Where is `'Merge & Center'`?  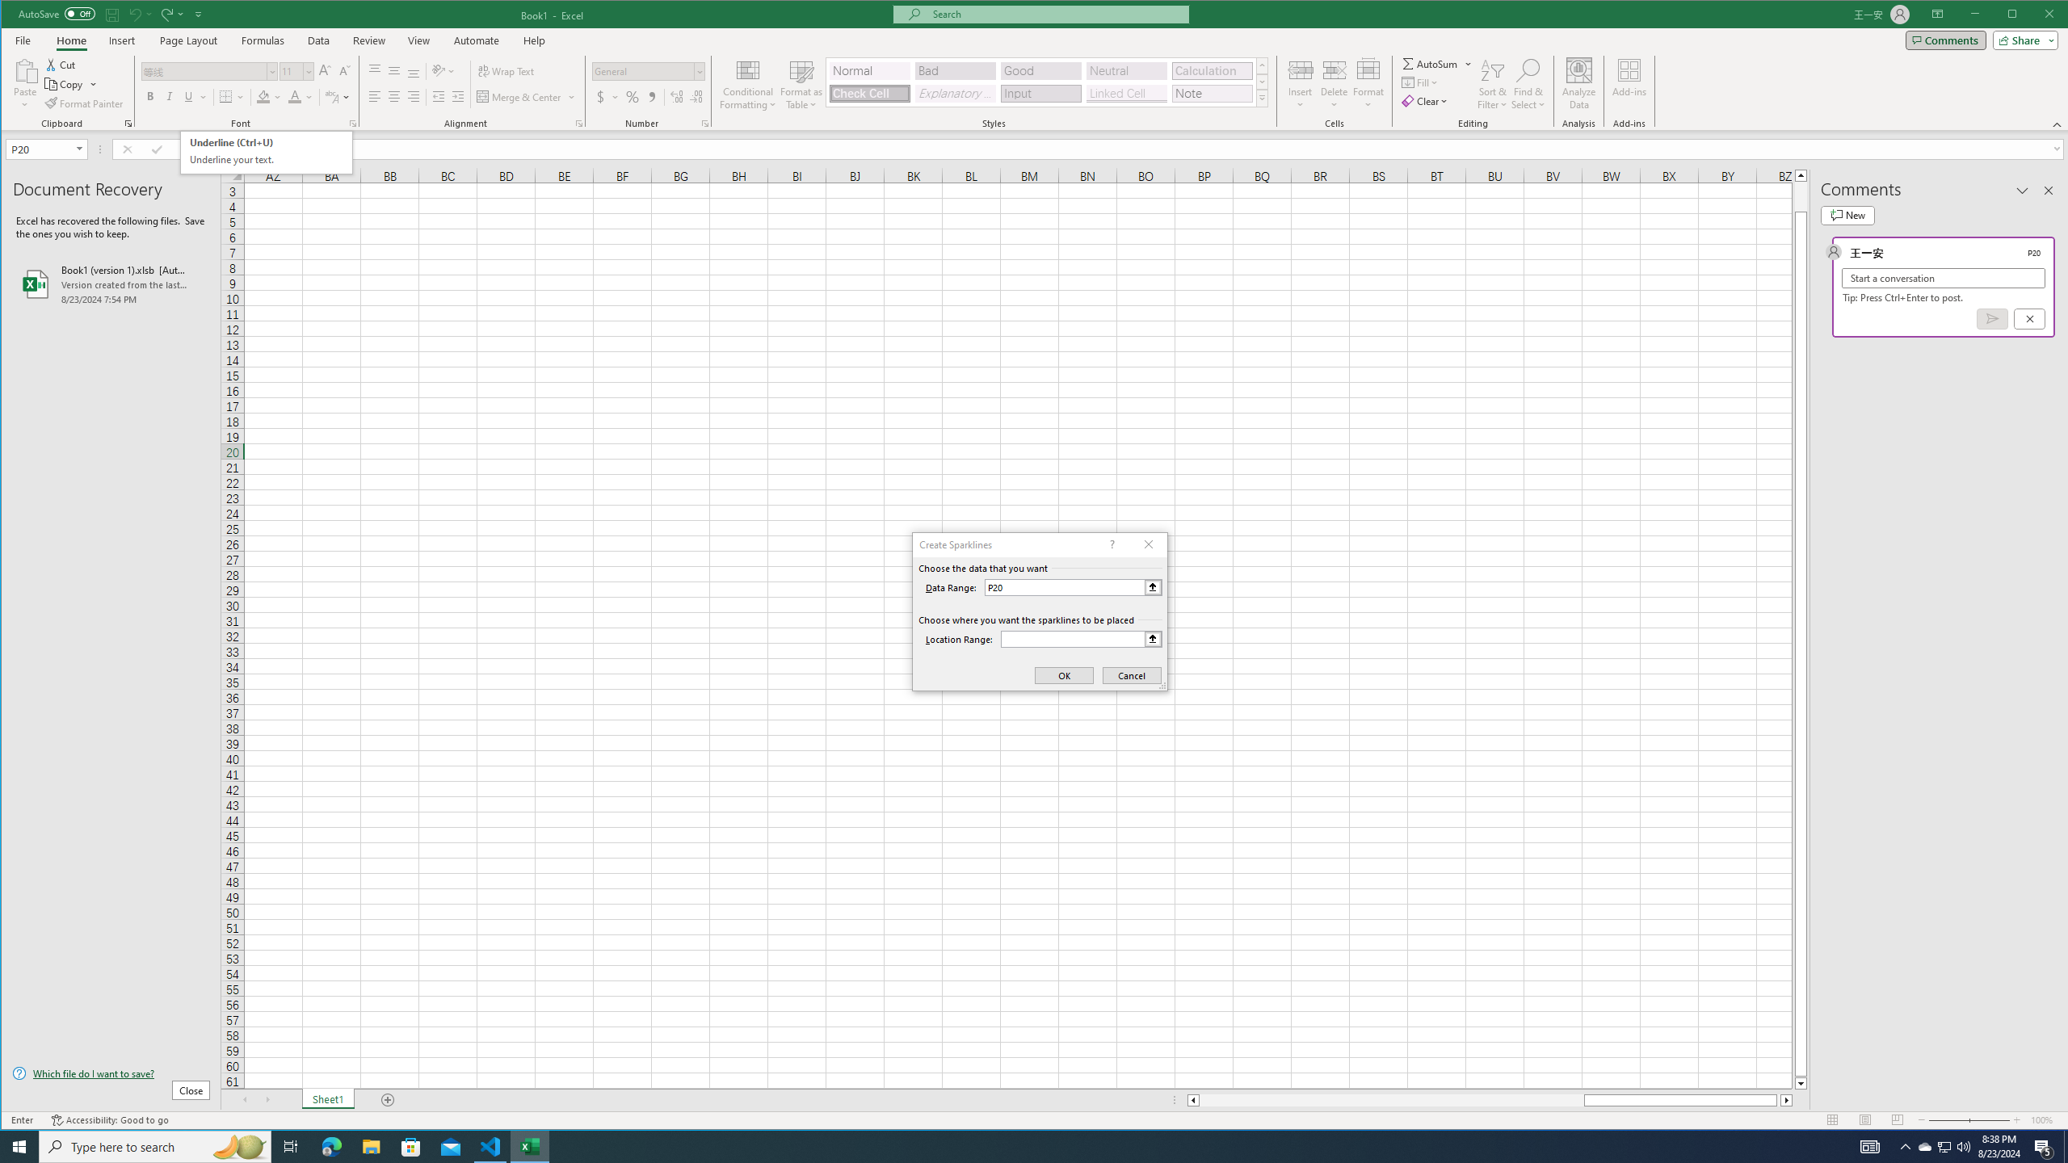
'Merge & Center' is located at coordinates (519, 96).